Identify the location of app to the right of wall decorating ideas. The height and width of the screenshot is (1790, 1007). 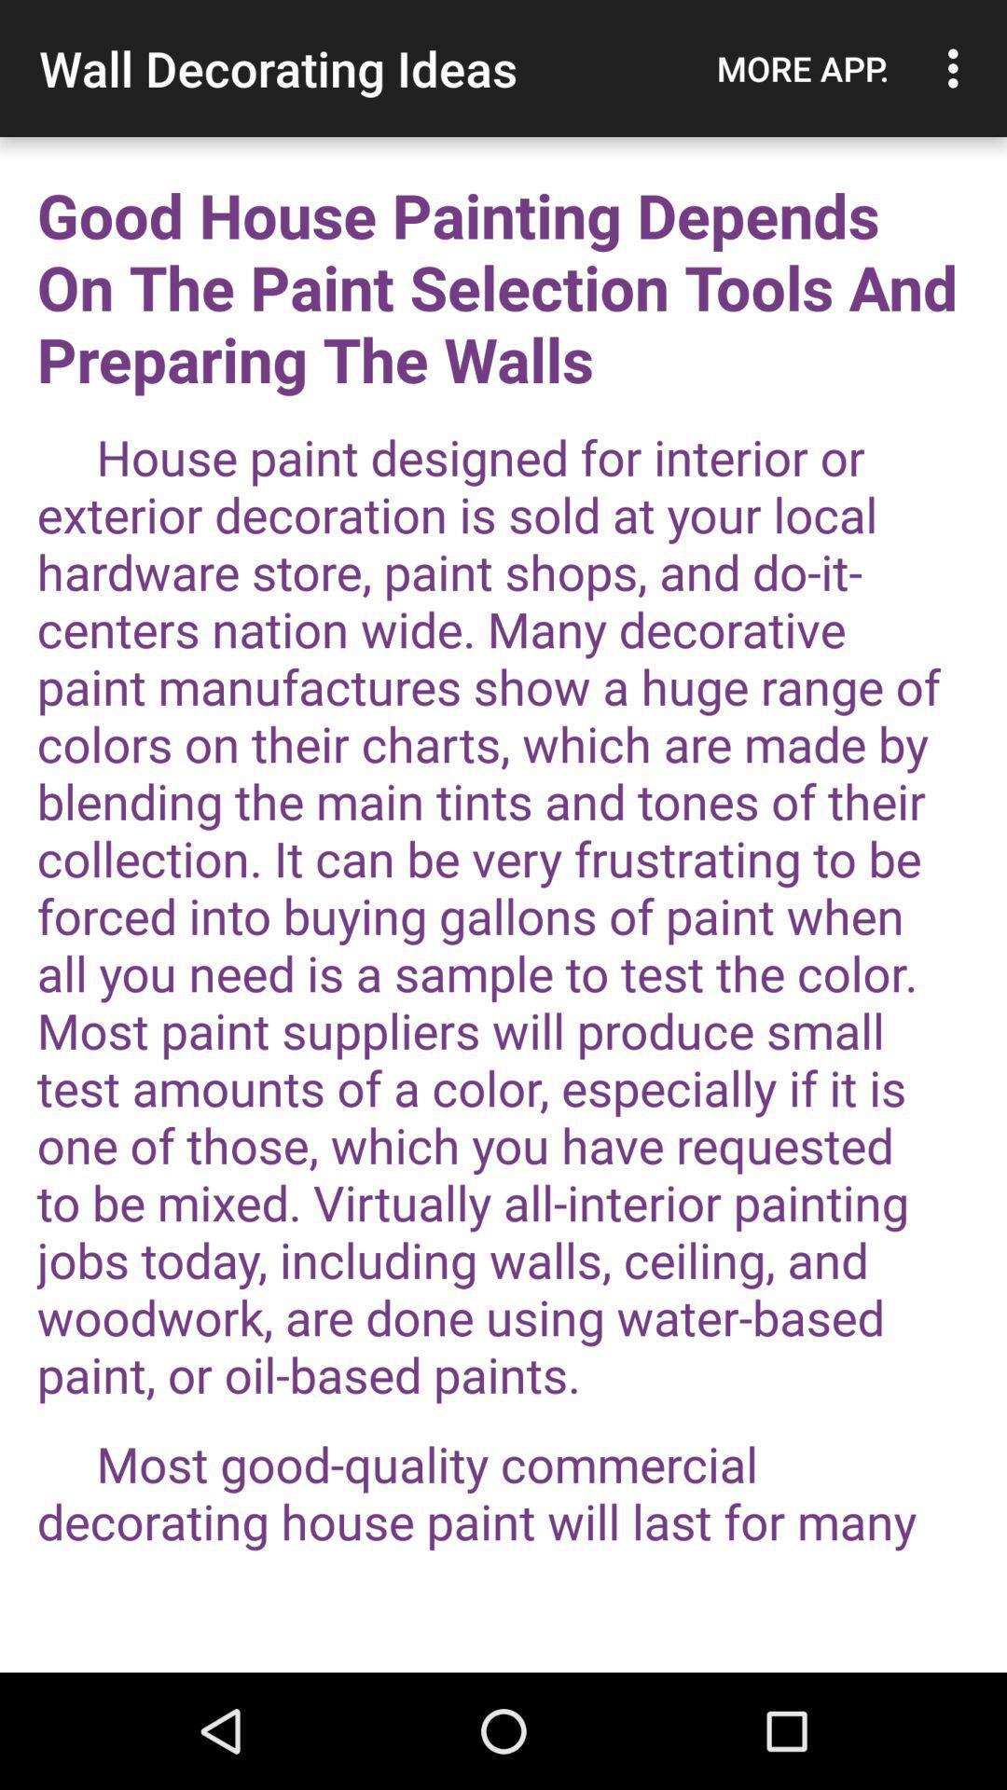
(802, 68).